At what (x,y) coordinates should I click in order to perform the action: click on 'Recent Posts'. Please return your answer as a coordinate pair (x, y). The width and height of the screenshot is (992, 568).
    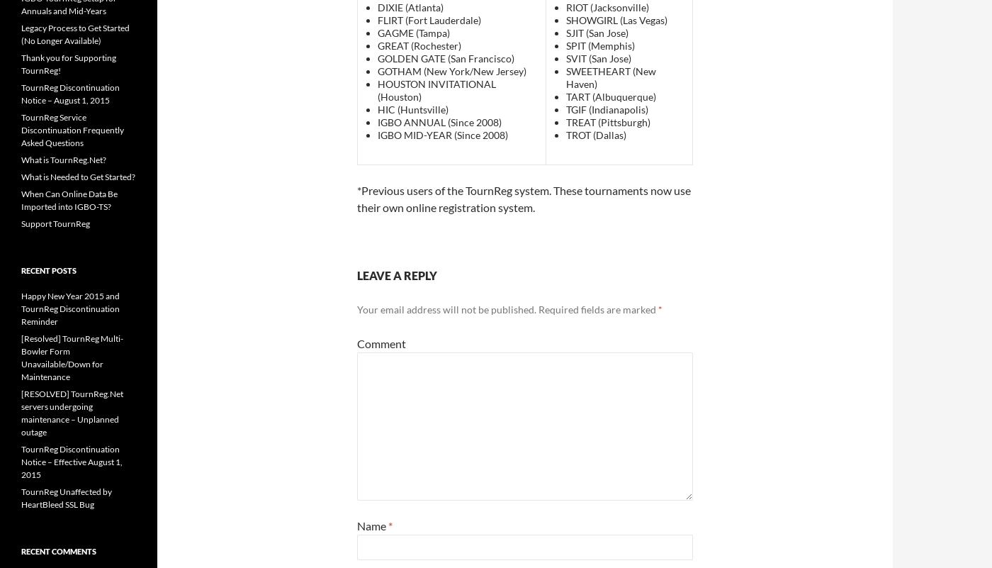
    Looking at the image, I should click on (20, 269).